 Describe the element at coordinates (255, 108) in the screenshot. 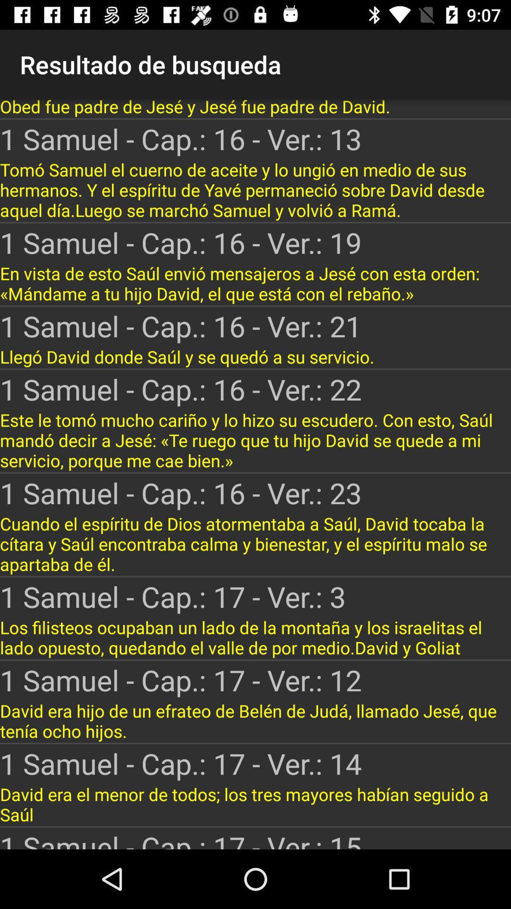

I see `app above the 1 samuel cap` at that location.